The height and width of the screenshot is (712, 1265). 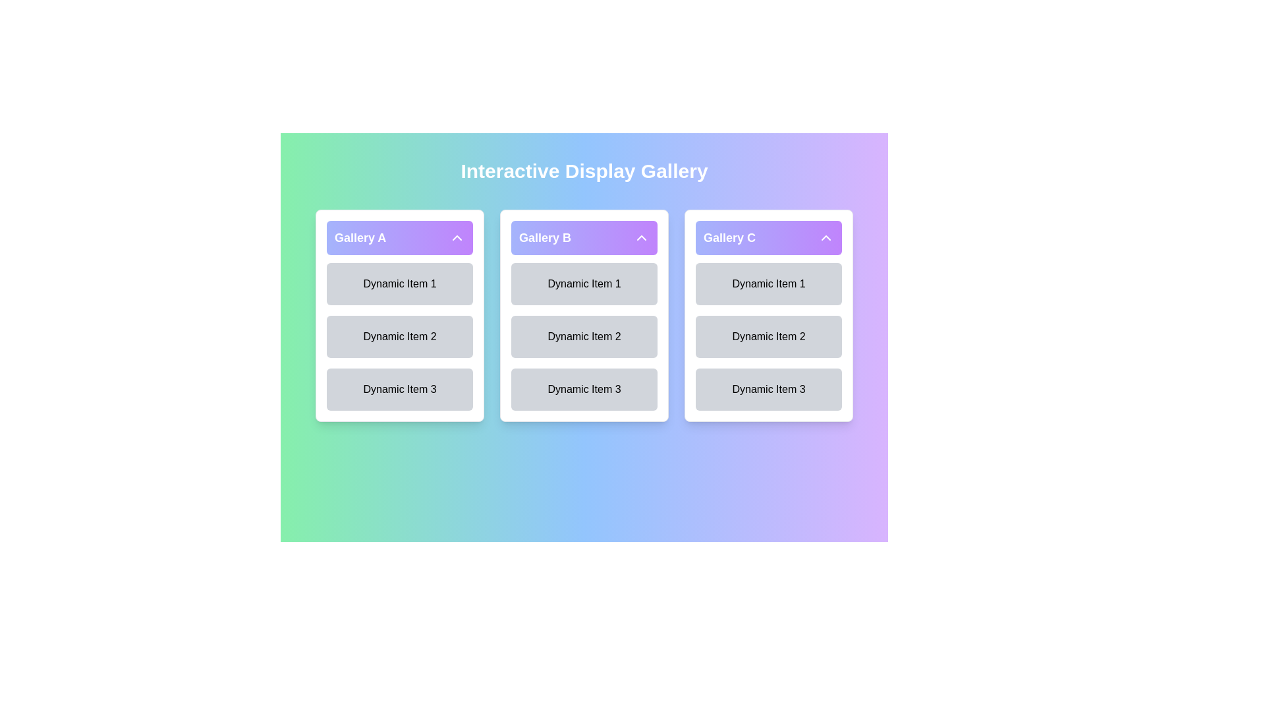 What do you see at coordinates (729, 238) in the screenshot?
I see `the text label displaying 'Gallery C' in bold, white letters with a gradient background` at bounding box center [729, 238].